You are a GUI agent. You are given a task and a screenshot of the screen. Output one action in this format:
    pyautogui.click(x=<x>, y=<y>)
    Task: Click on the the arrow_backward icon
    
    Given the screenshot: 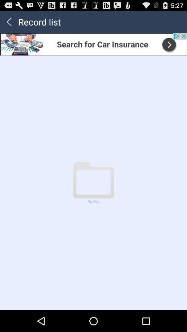 What is the action you would take?
    pyautogui.click(x=9, y=23)
    